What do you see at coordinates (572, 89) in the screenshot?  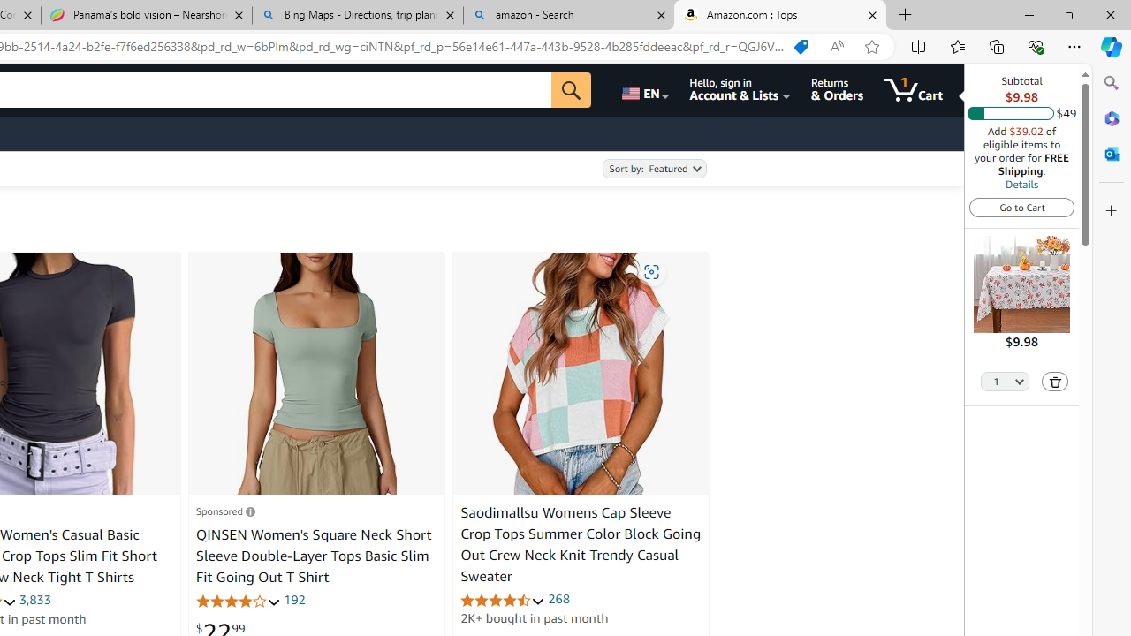 I see `'Go'` at bounding box center [572, 89].